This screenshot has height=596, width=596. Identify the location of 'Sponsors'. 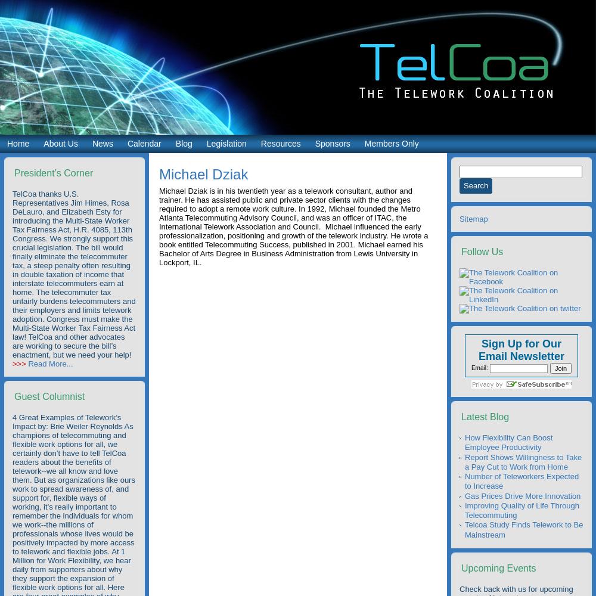
(332, 143).